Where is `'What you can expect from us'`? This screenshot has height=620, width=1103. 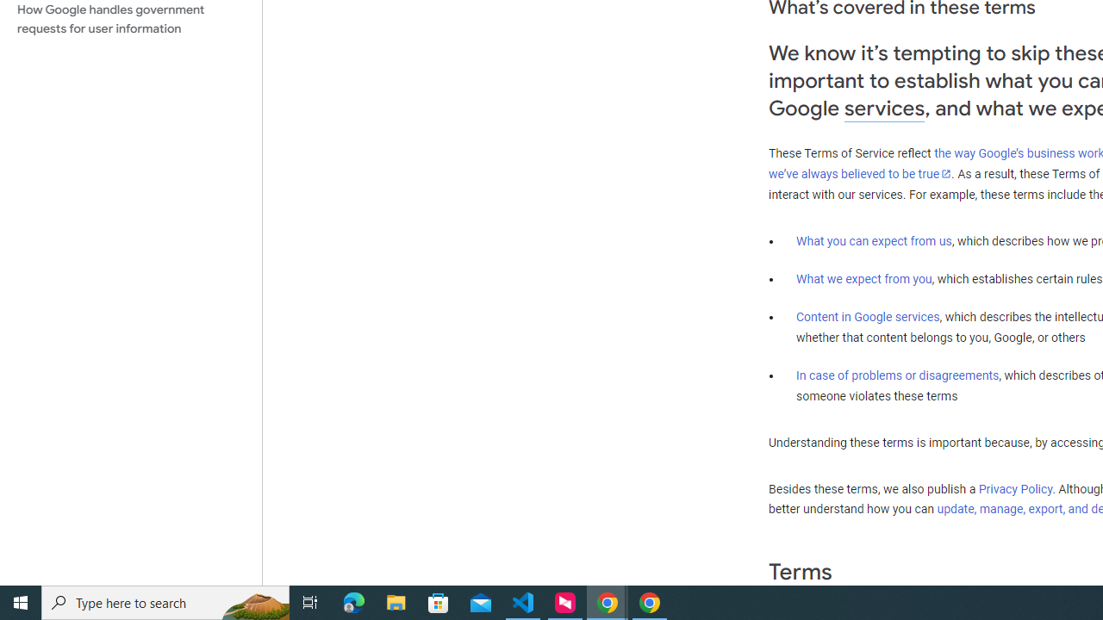 'What you can expect from us' is located at coordinates (874, 240).